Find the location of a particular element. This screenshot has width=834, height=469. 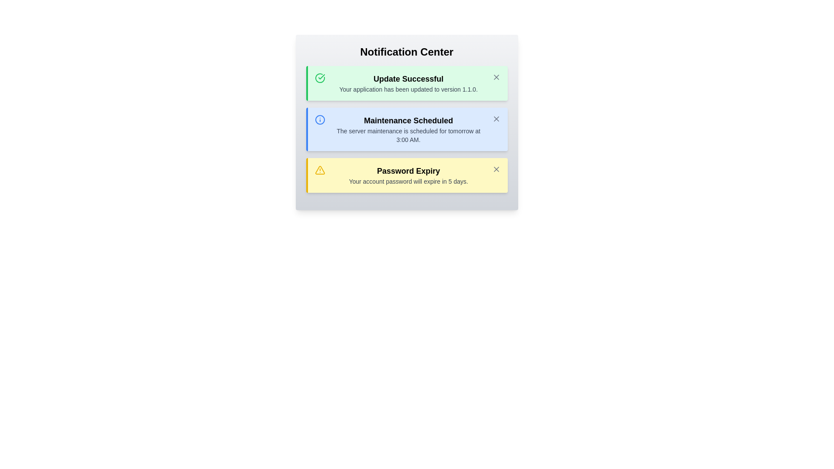

the dismiss button (interactive icon resembling an 'X') next to the 'Password Expiry' notification is located at coordinates (496, 169).